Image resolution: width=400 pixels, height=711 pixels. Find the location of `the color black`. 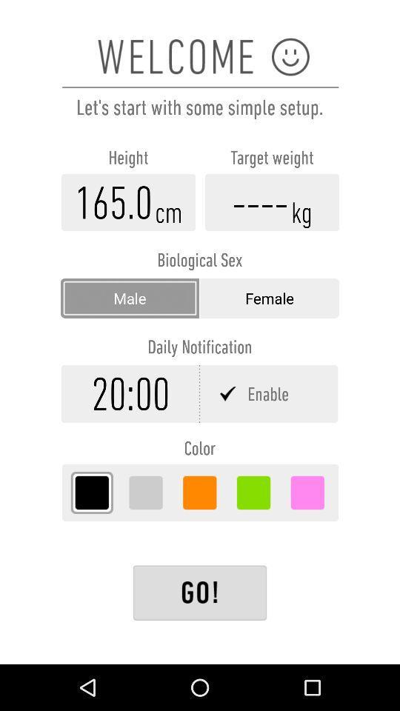

the color black is located at coordinates (92, 493).